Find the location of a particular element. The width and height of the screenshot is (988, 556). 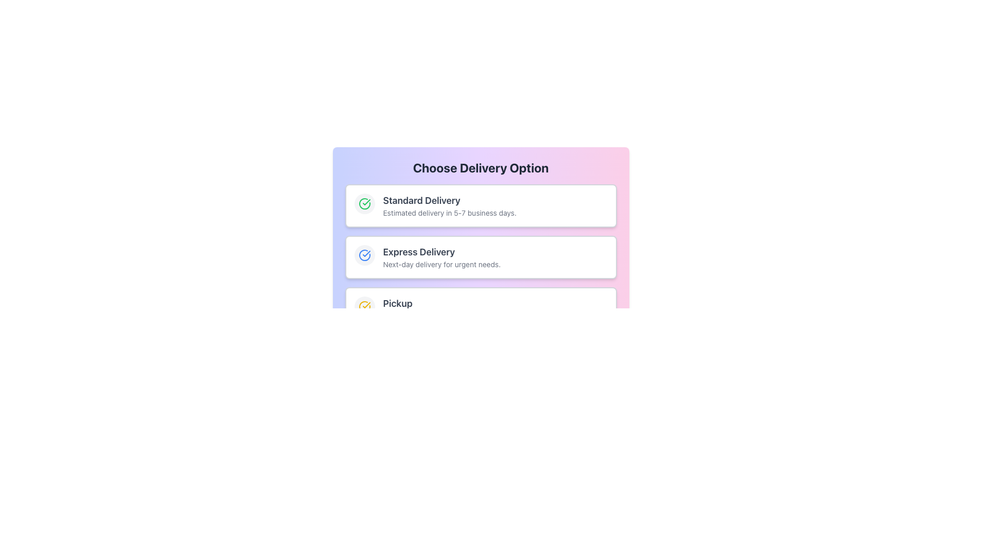

the informational label providing additional details about the 'Standard Delivery' option, located directly below the 'Standard Delivery' text is located at coordinates (495, 212).